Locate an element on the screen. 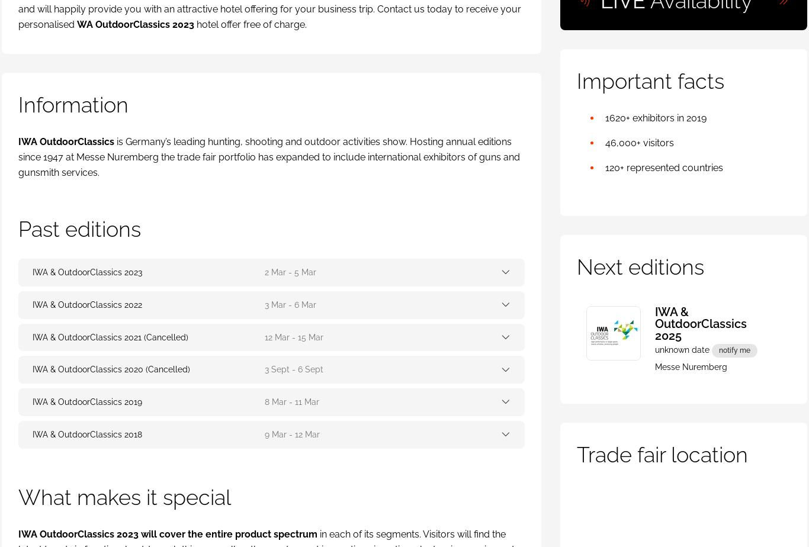  'and get a free online offer with booking terms and accommodation details' is located at coordinates (199, 252).